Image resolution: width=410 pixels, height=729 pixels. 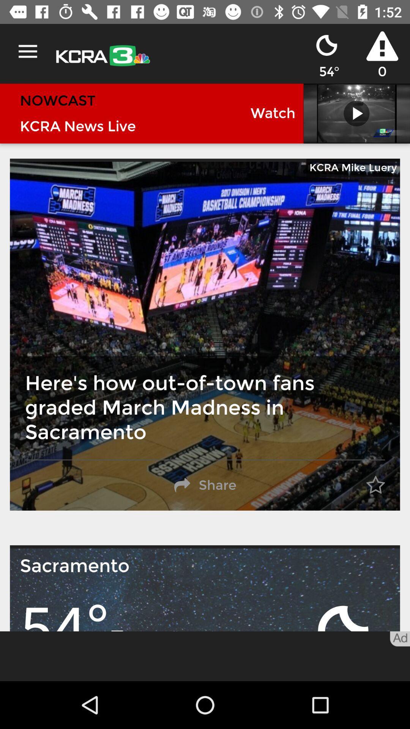 What do you see at coordinates (375, 485) in the screenshot?
I see `icon to the right of the share icon` at bounding box center [375, 485].